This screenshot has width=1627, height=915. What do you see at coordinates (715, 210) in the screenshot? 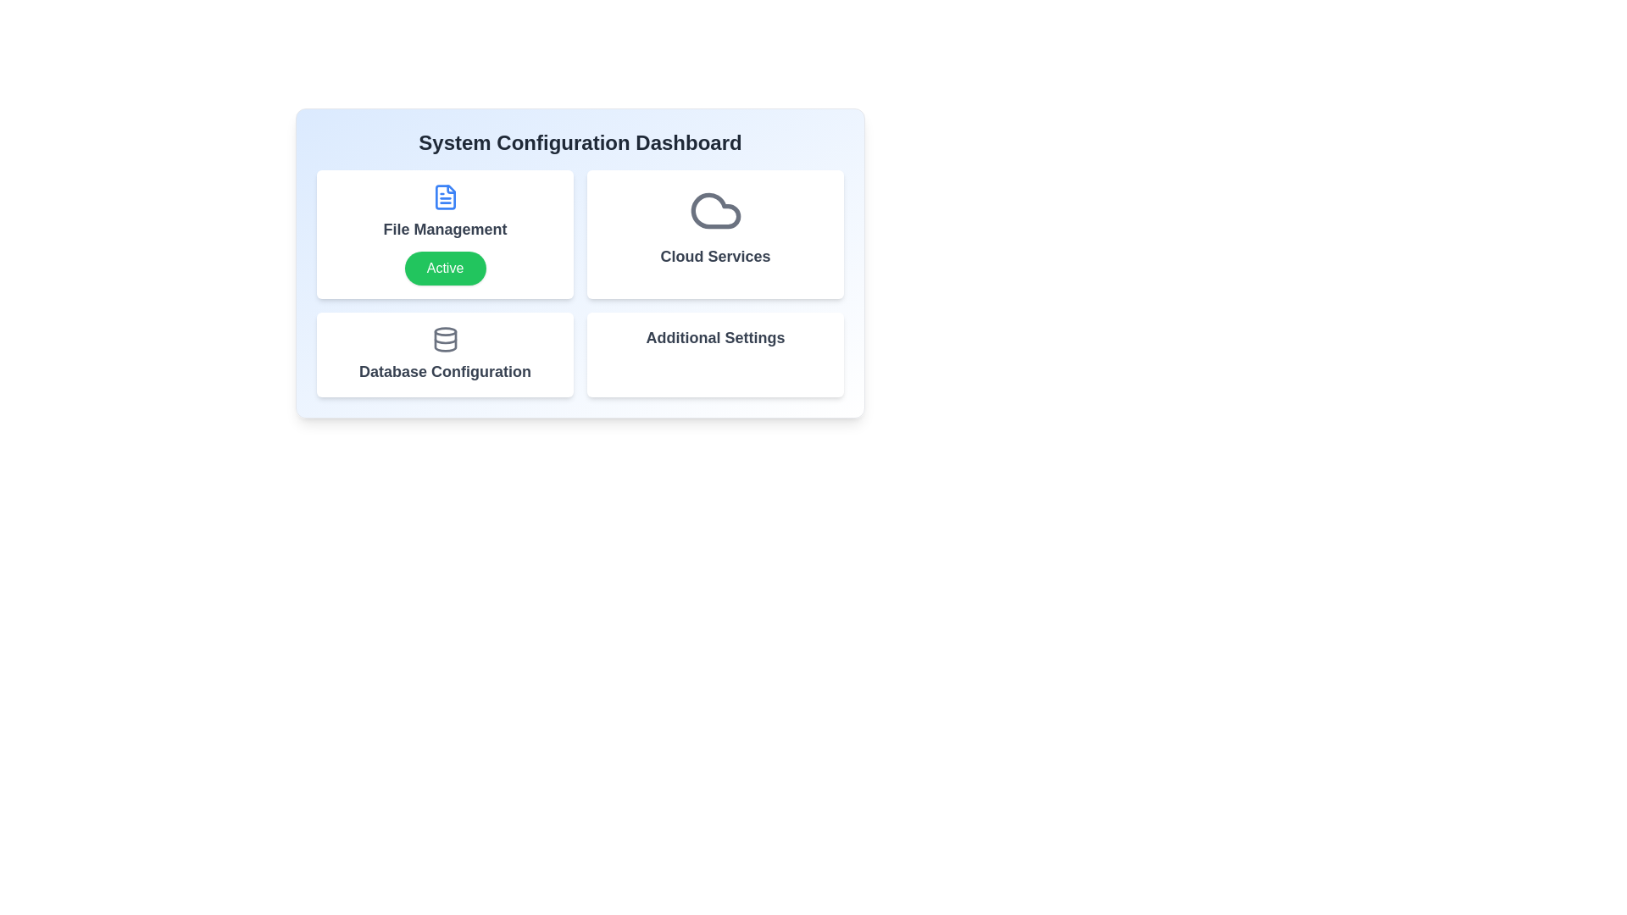
I see `the cloud graphic icon located in the top-right quadrant under the 'System Configuration Dashboard' heading, above the text 'Cloud Services'` at bounding box center [715, 210].